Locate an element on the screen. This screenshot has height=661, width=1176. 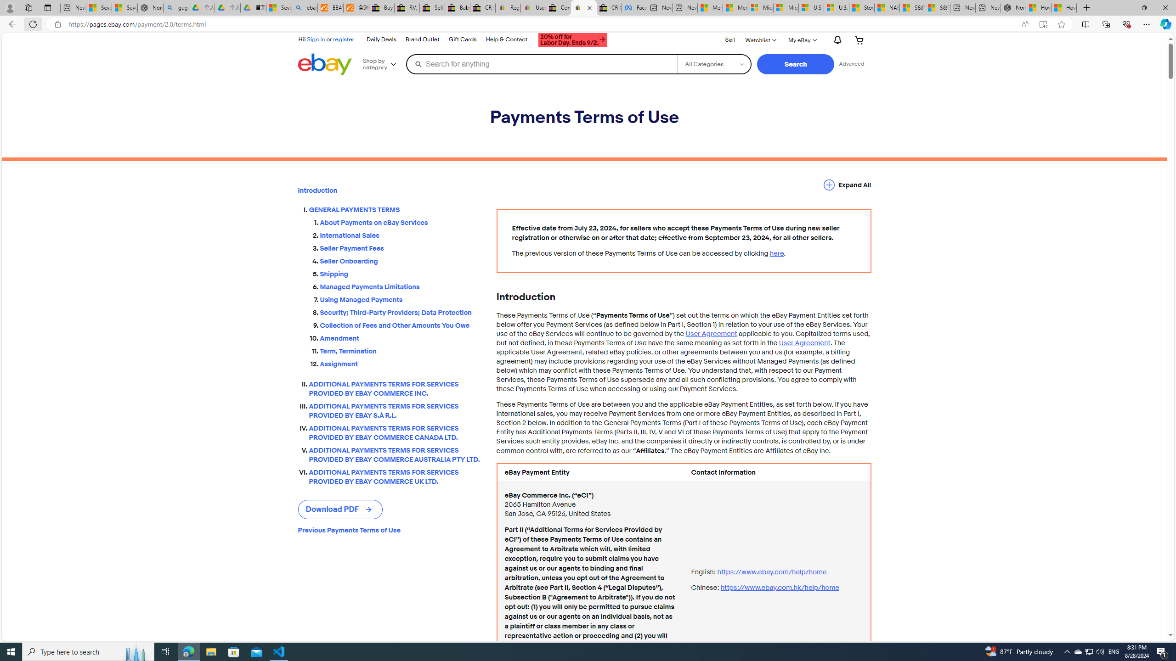
'here' is located at coordinates (776, 253).